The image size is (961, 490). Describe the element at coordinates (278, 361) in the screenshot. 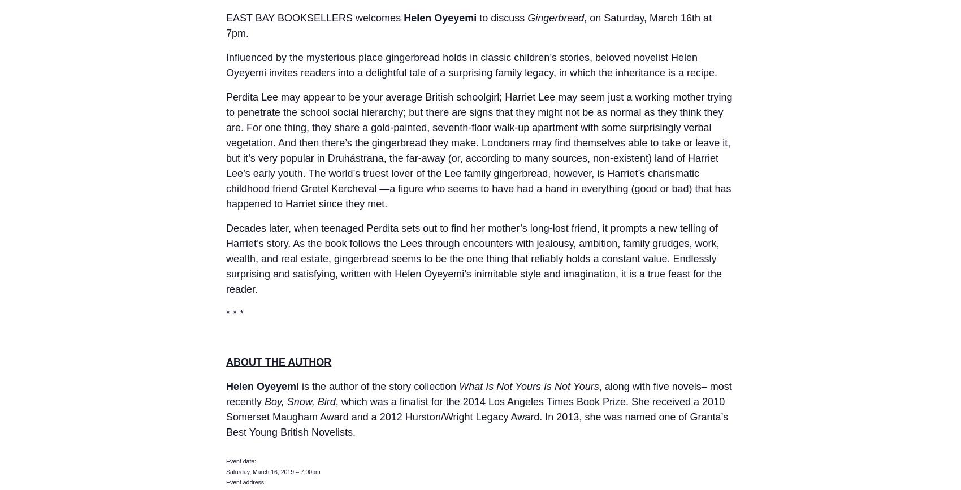

I see `'ABOUT THE AUTHOR'` at that location.